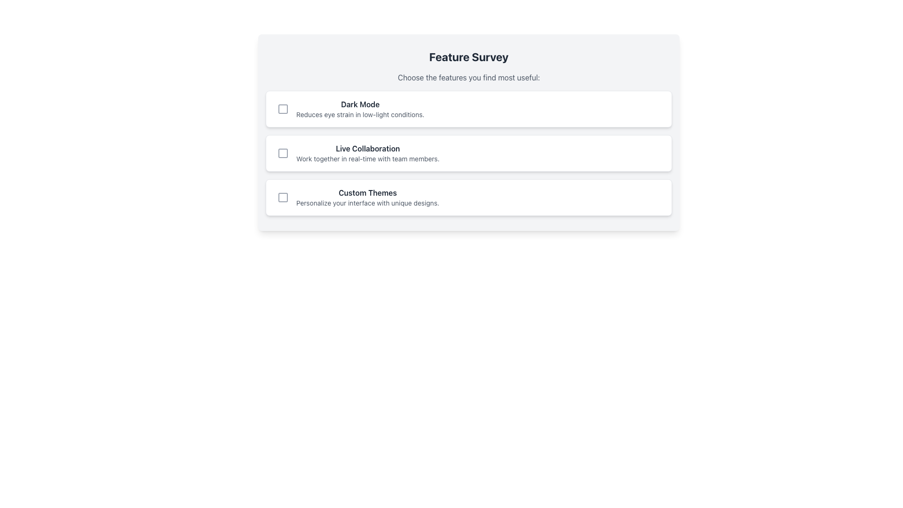 Image resolution: width=903 pixels, height=508 pixels. Describe the element at coordinates (282, 153) in the screenshot. I see `the Checkbox icon located to the left of the 'Live Collaboration' text` at that location.